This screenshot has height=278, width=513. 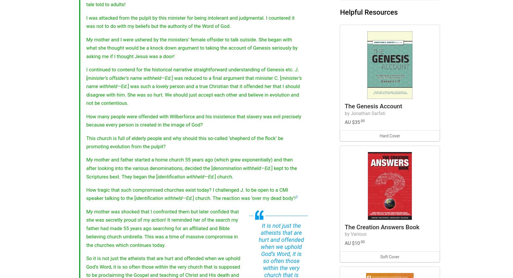 I want to click on 'My mother was shocked that I confronted them but later confided that she was secretly
proud of my action! It reminded her of the search my father had made 55 years ago
searching for an affiliated and Bible believing church umbrella. This was a time
of massive compromise in the churches which continues today.', so click(x=86, y=228).